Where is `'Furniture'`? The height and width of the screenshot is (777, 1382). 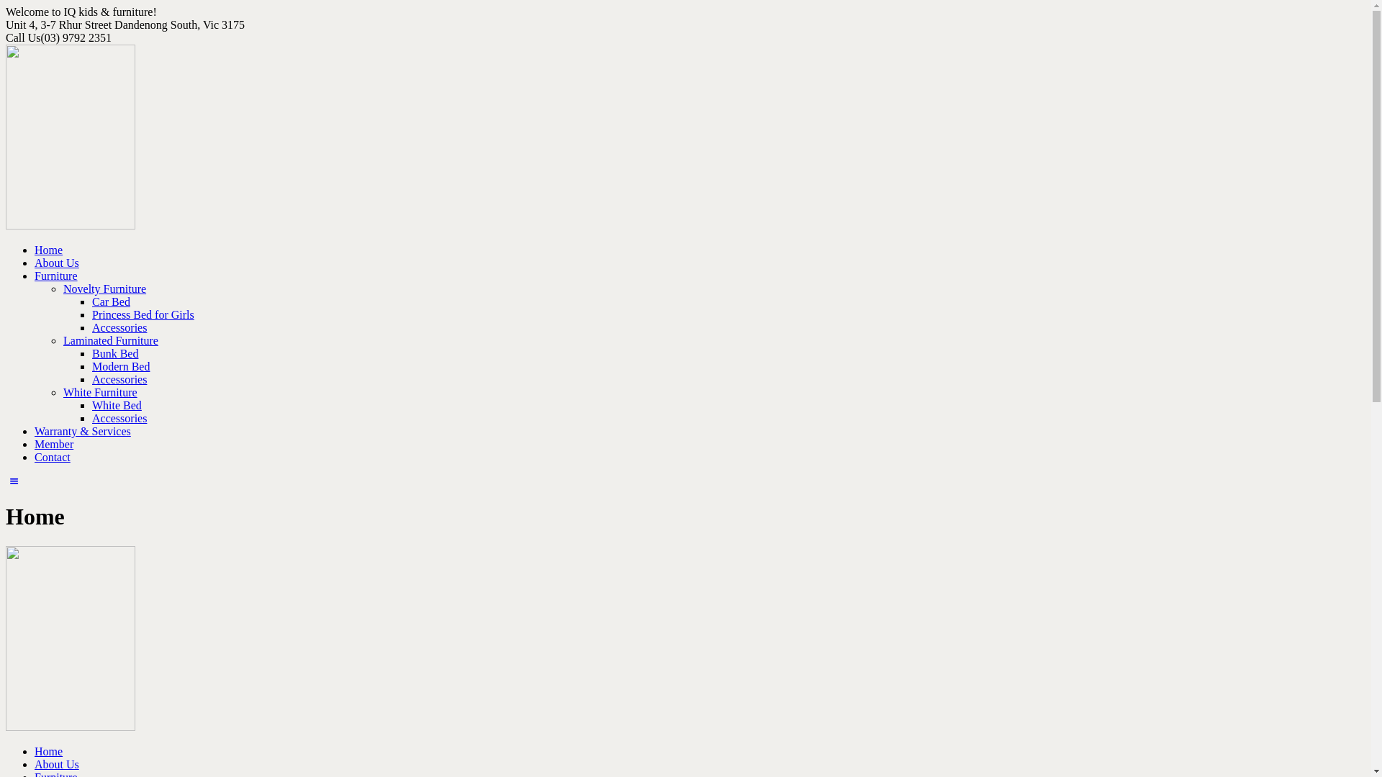 'Furniture' is located at coordinates (55, 276).